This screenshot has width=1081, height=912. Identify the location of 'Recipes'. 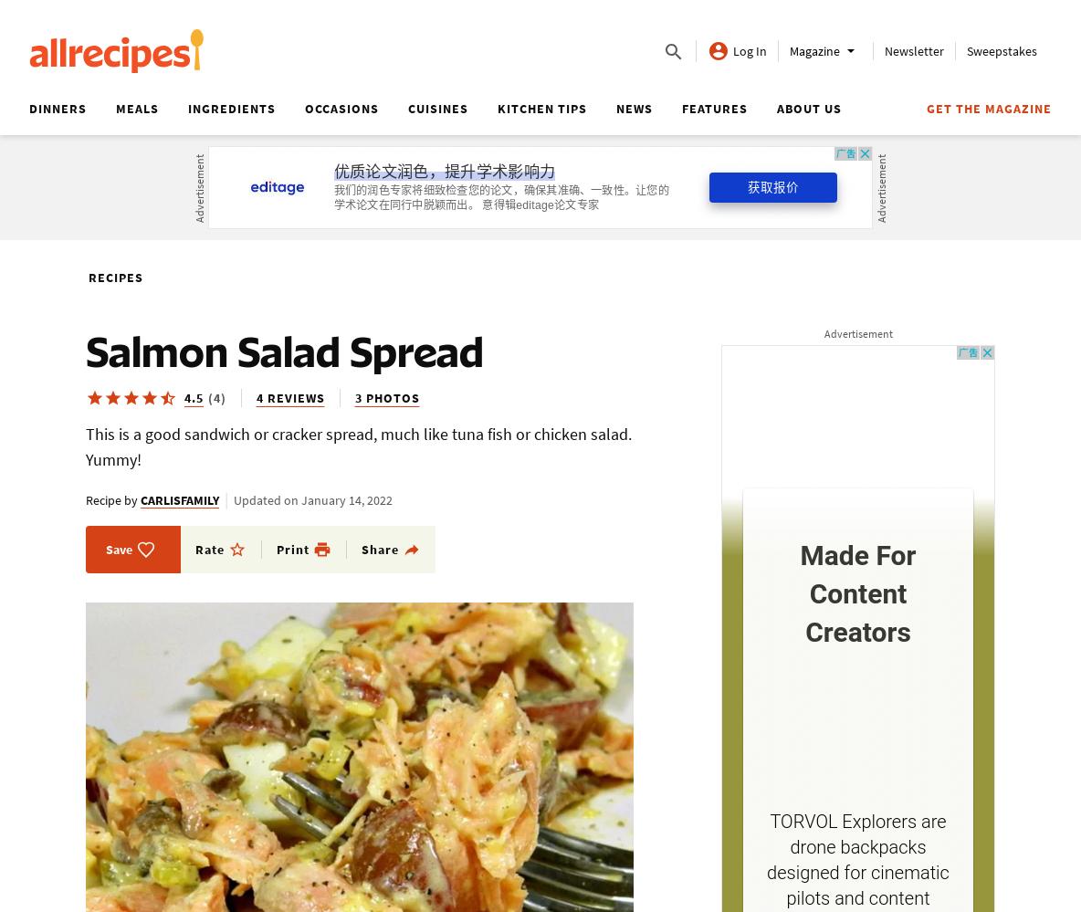
(116, 276).